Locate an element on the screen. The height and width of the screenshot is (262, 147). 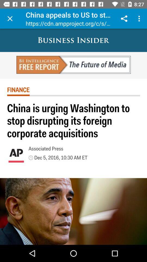
page is located at coordinates (10, 19).